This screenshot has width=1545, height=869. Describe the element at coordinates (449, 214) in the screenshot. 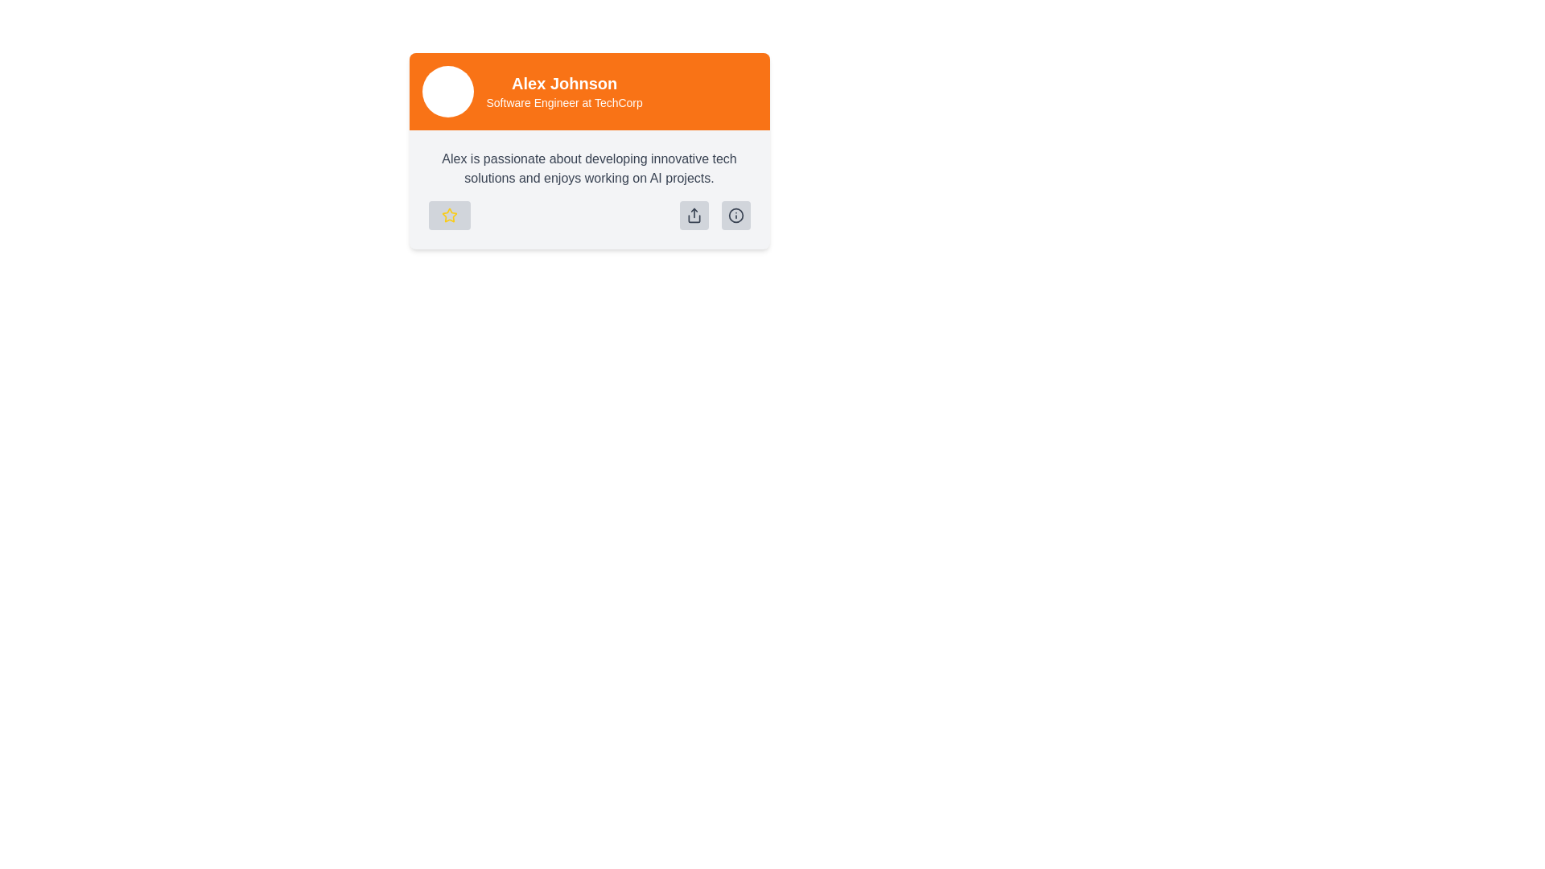

I see `the star icon located centrally within the rectangular button on the user profile card, which has a grey background` at that location.